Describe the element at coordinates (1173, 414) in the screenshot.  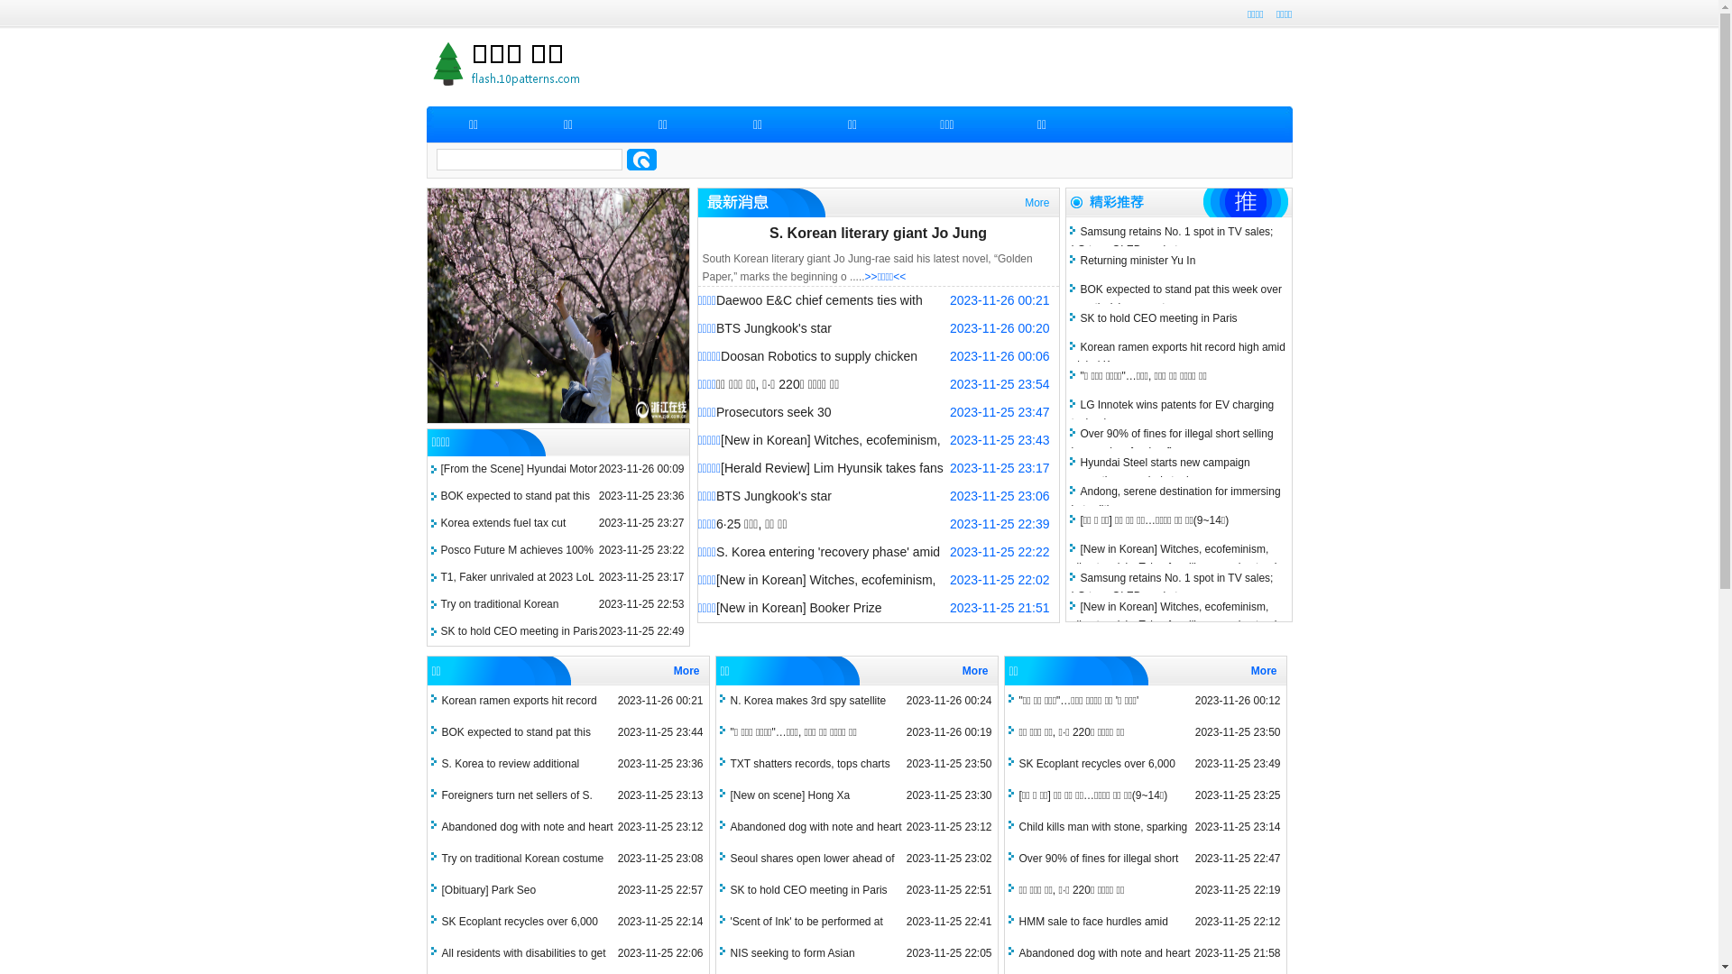
I see `'LG Innotek wins patents for EV charging technology'` at that location.